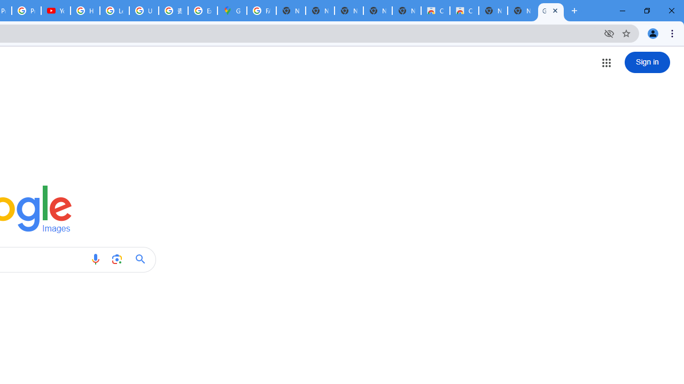 This screenshot has width=684, height=384. I want to click on 'Explore new street-level details - Google Maps Help', so click(203, 11).